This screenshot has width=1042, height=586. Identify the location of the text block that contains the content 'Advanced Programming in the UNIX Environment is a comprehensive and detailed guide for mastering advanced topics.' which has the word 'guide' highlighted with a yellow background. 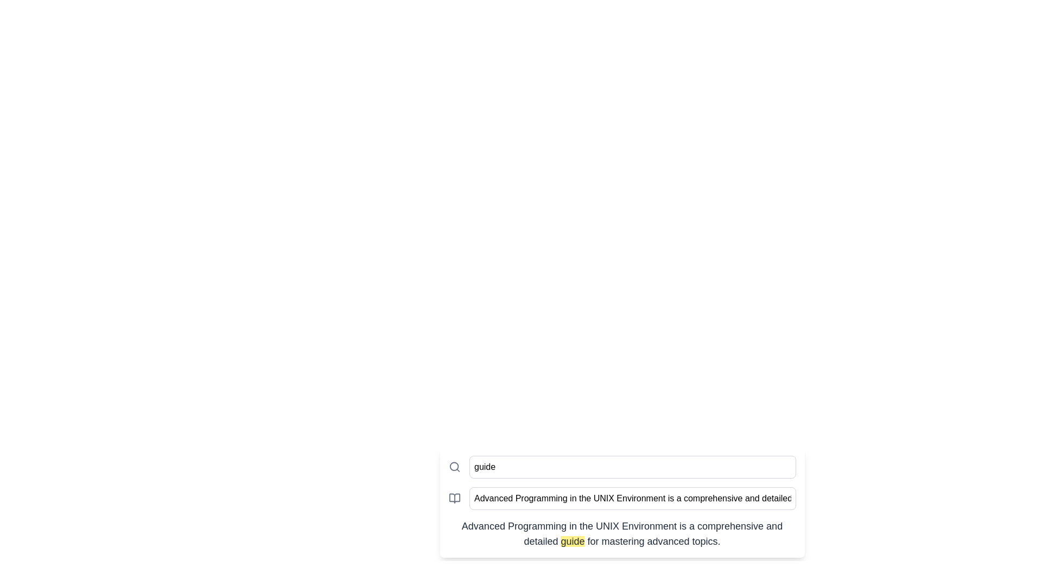
(622, 533).